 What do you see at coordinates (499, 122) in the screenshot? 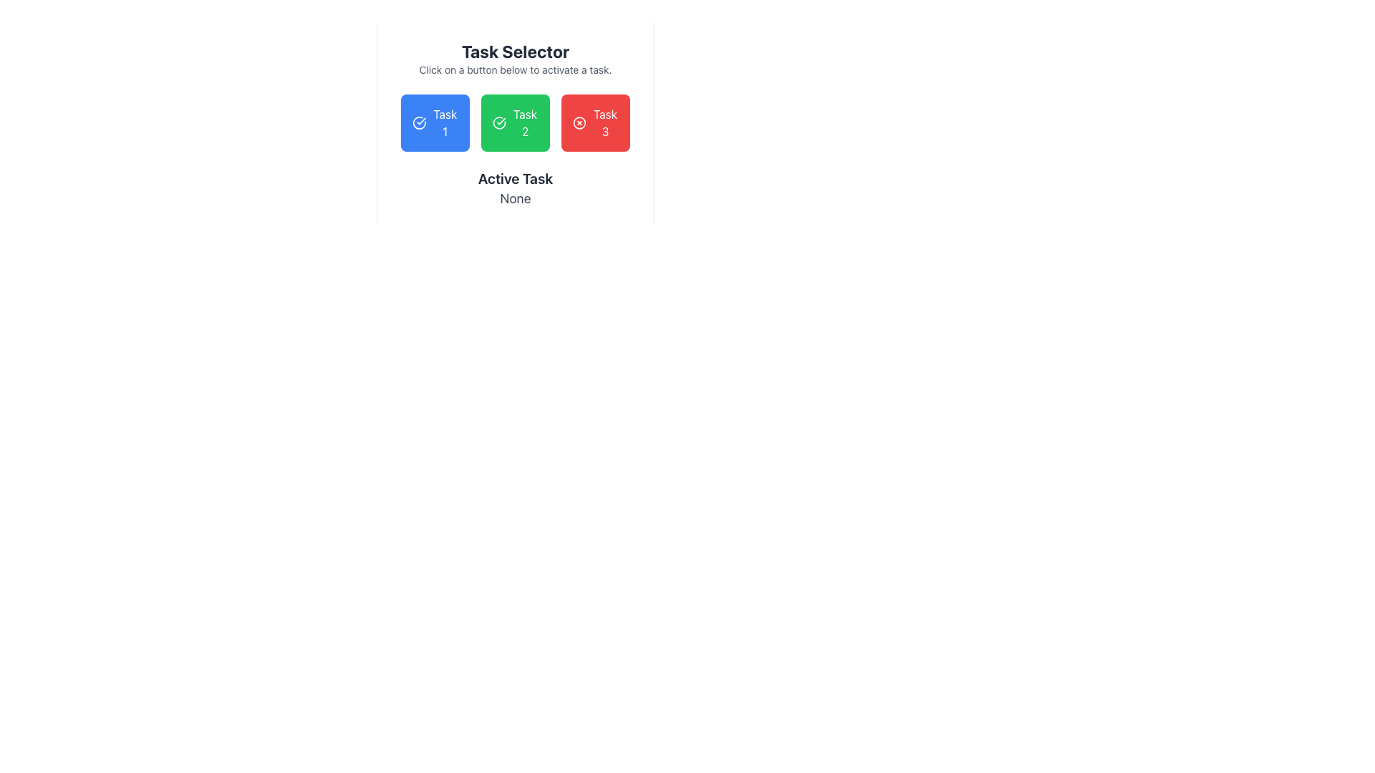
I see `the green circular icon with a checkmark inside, located next to the text 'Task 2'` at bounding box center [499, 122].